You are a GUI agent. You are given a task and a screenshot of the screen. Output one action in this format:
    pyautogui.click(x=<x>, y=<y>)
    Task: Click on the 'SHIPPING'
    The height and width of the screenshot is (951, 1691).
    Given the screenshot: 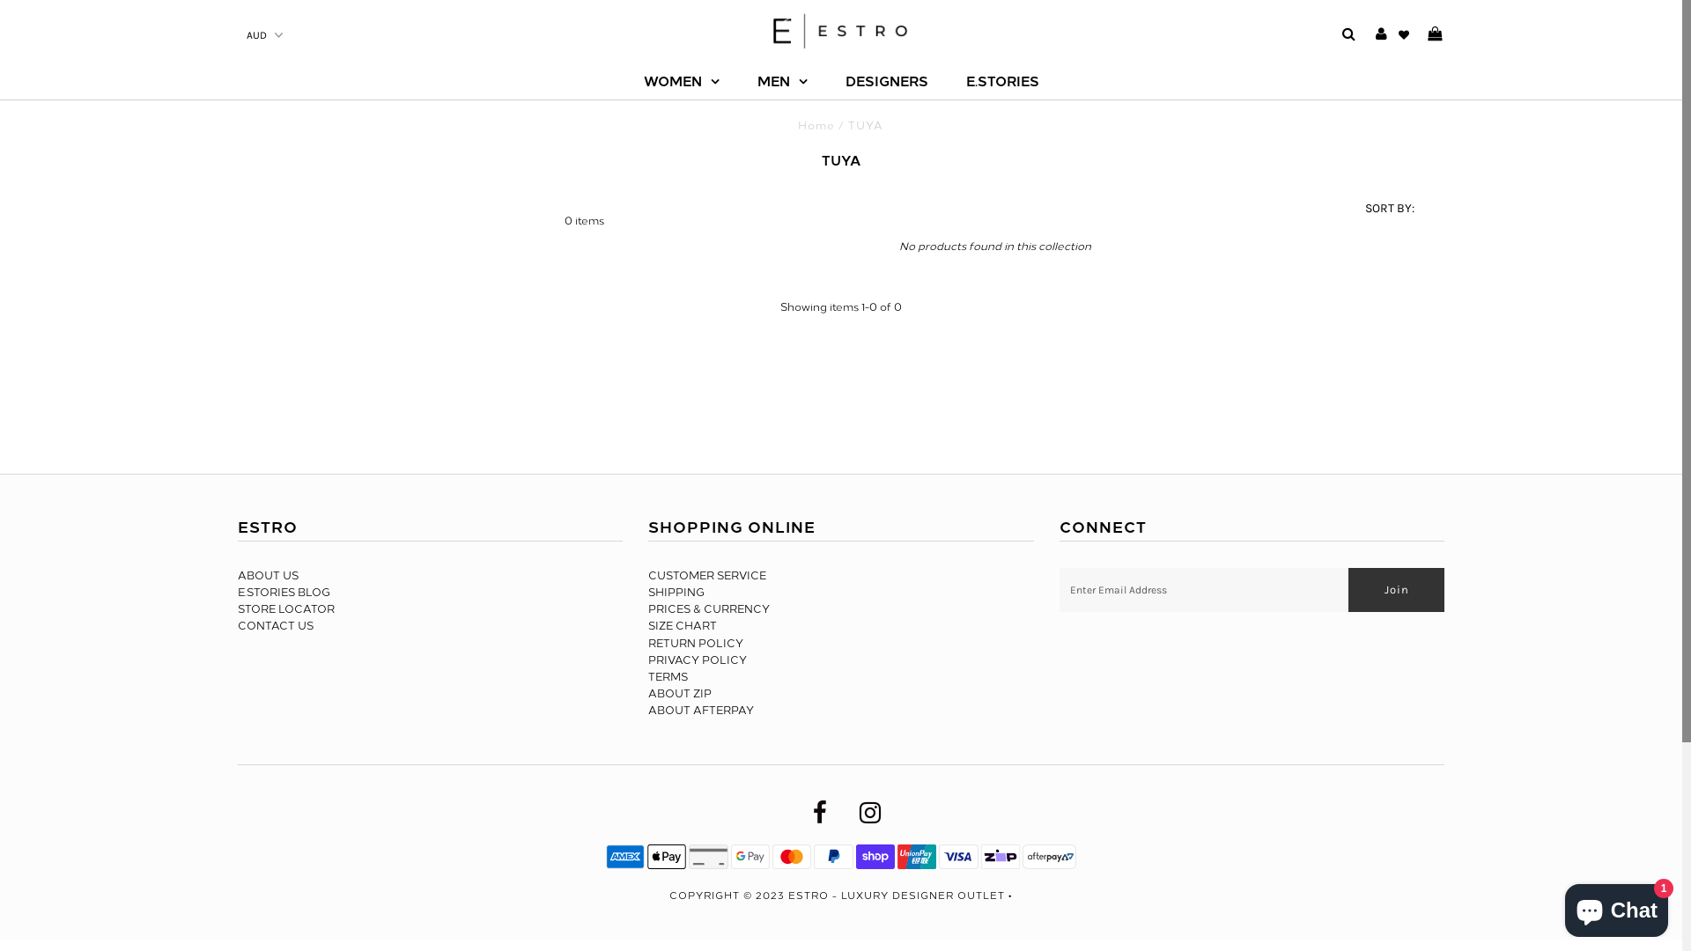 What is the action you would take?
    pyautogui.click(x=676, y=592)
    